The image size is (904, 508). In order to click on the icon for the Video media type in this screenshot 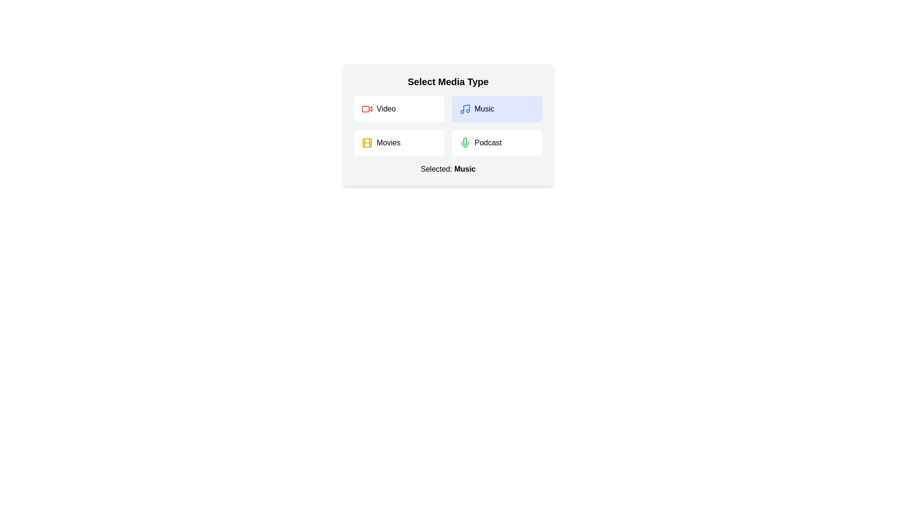, I will do `click(366, 108)`.